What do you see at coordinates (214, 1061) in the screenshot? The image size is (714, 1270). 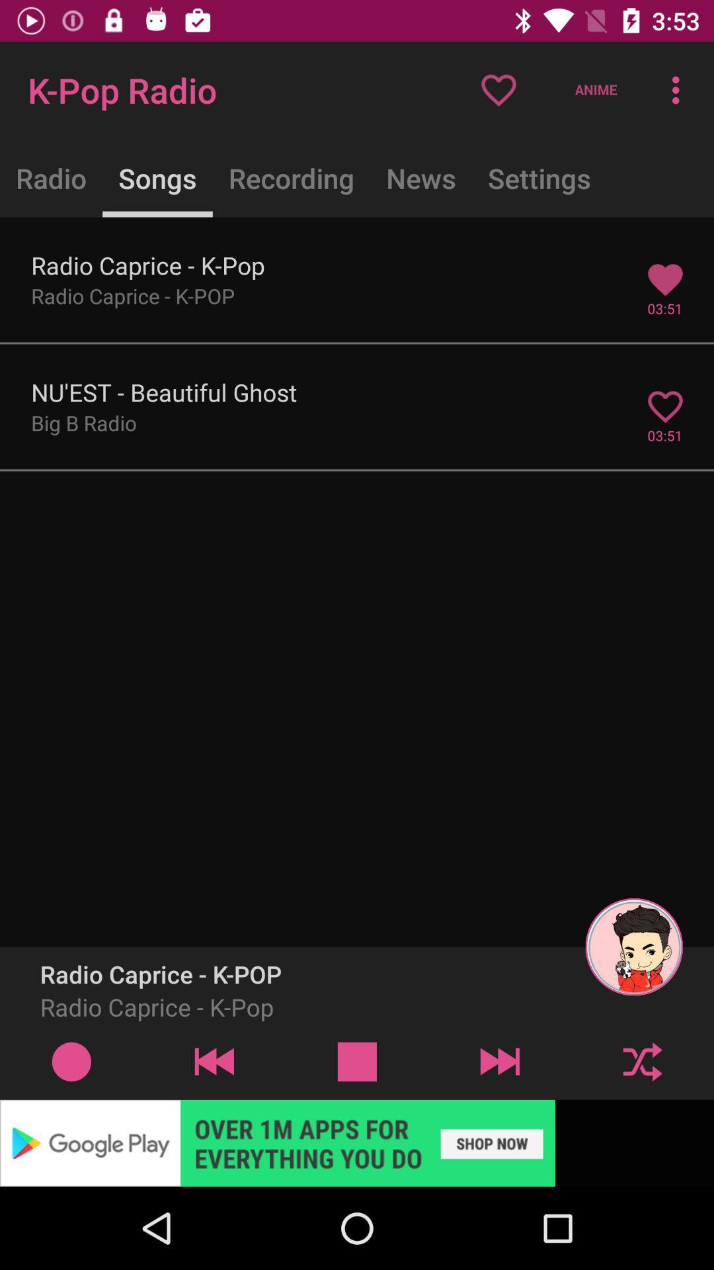 I see `go back` at bounding box center [214, 1061].